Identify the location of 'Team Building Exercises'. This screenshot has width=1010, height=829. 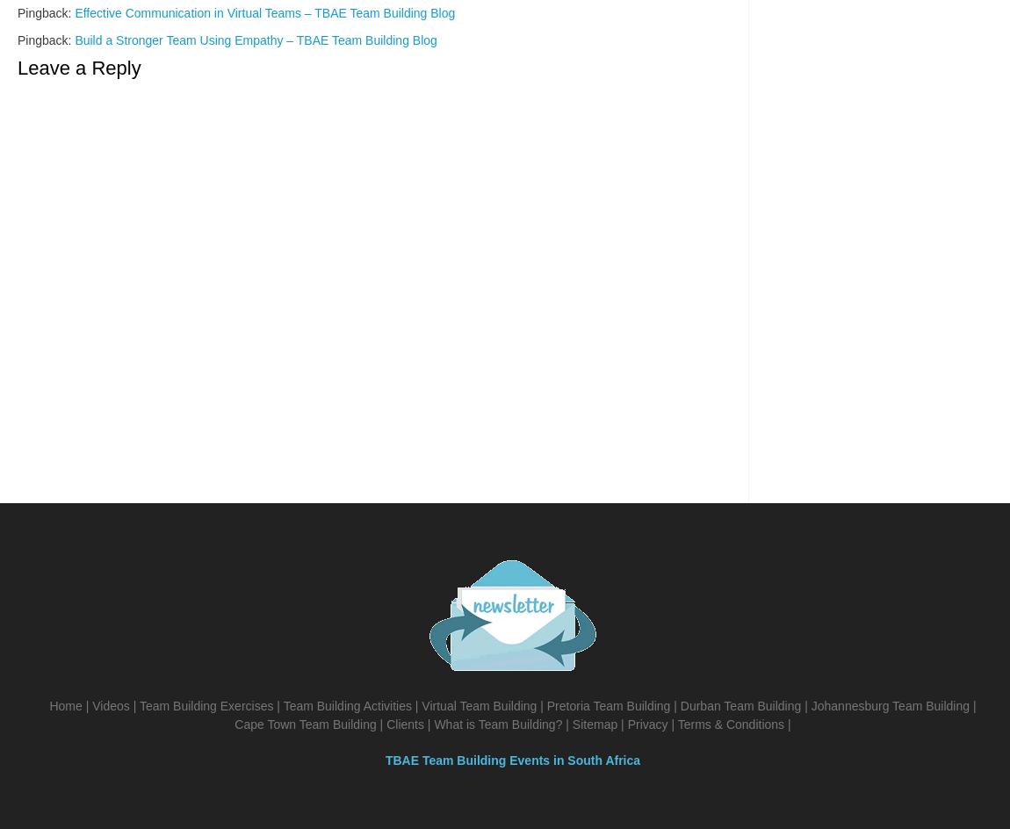
(138, 705).